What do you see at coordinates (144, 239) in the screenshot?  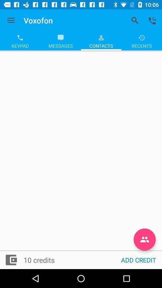 I see `the item below the recents item` at bounding box center [144, 239].